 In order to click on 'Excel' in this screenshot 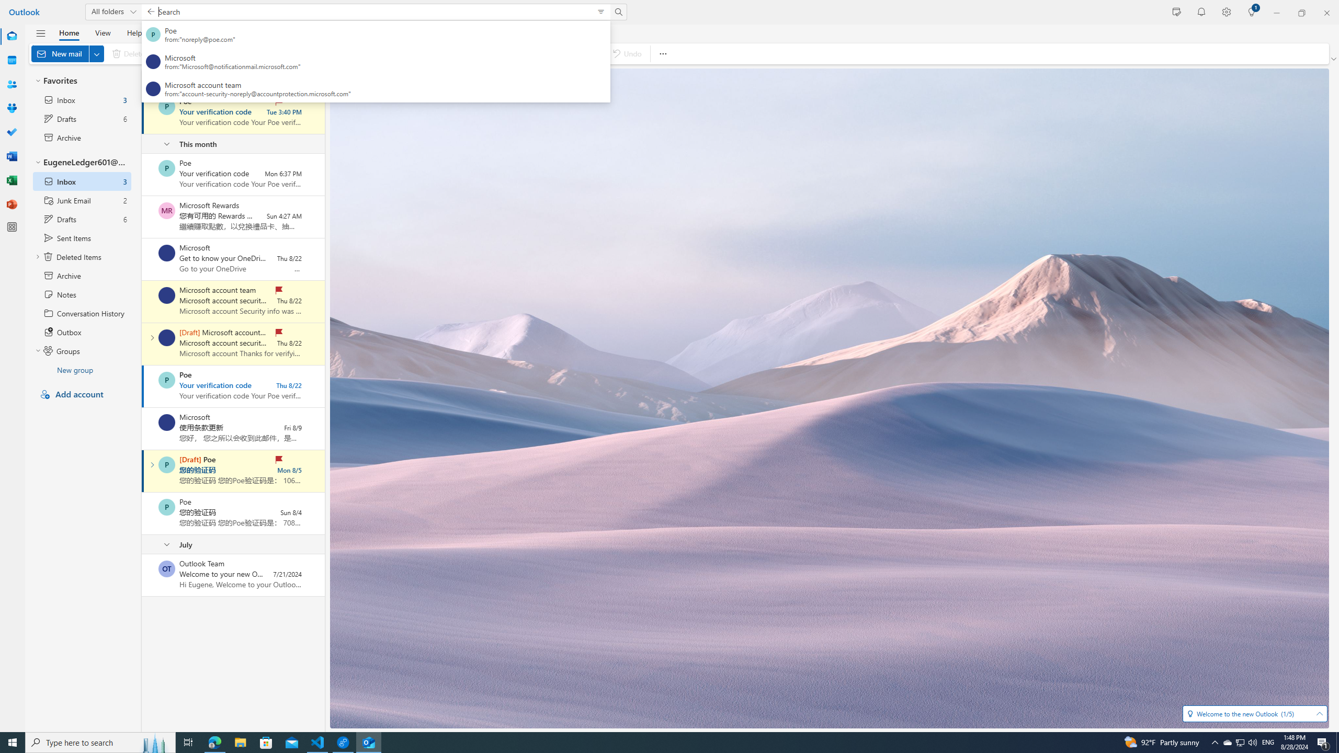, I will do `click(12, 180)`.